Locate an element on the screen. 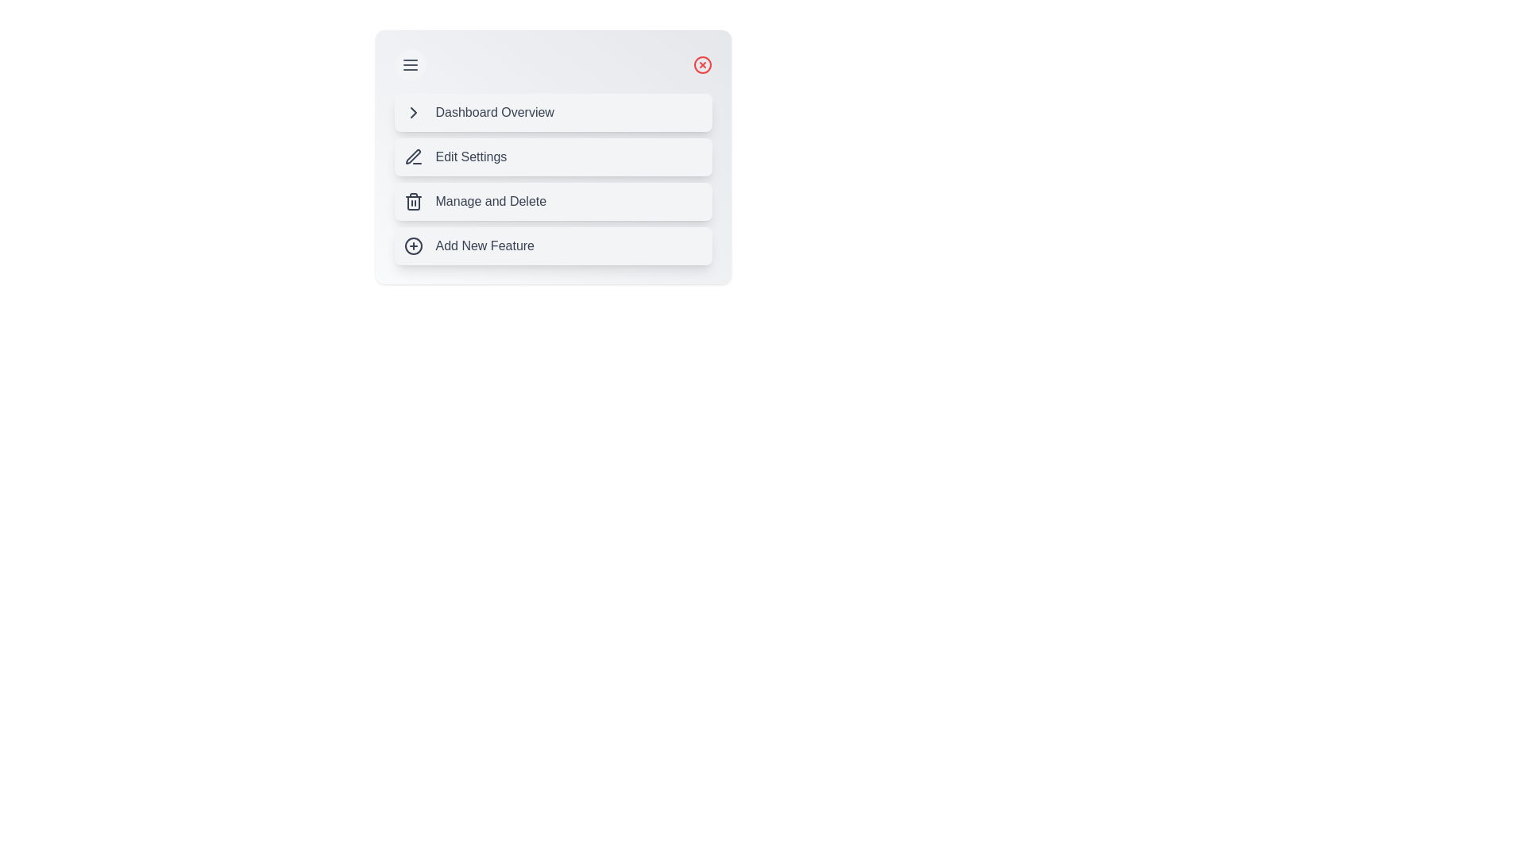 The image size is (1525, 858). the close button to close the menu is located at coordinates (701, 64).